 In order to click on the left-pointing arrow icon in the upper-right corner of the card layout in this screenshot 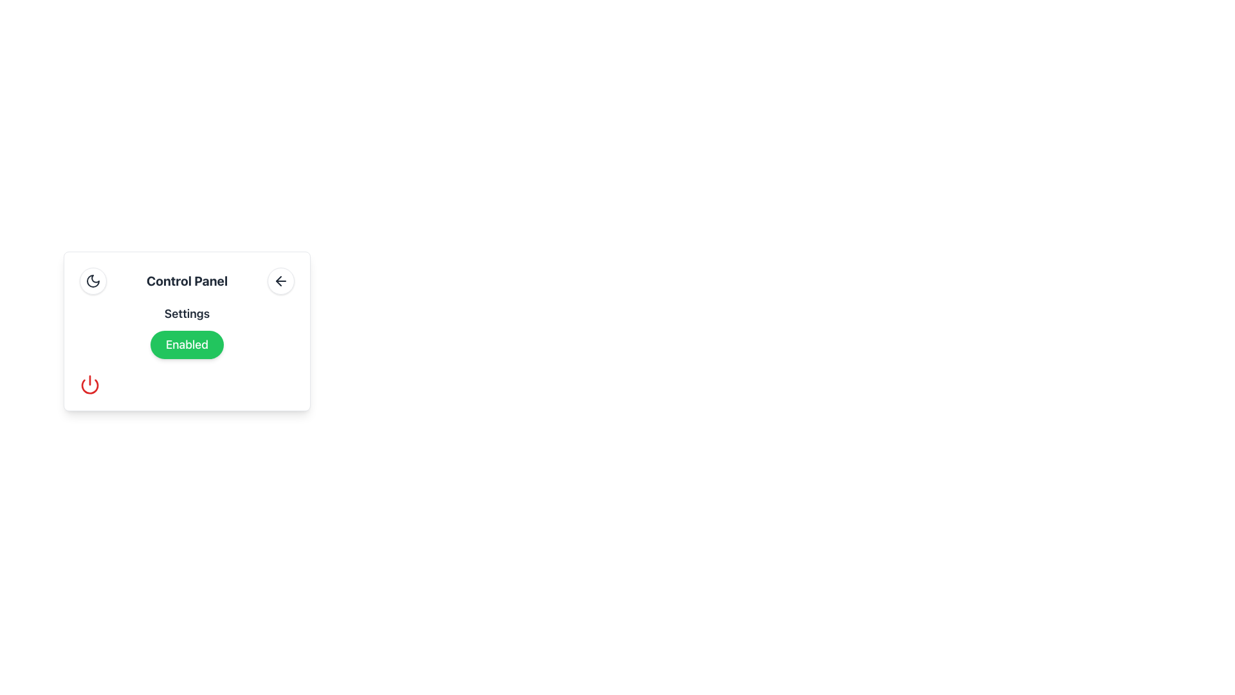, I will do `click(280, 280)`.